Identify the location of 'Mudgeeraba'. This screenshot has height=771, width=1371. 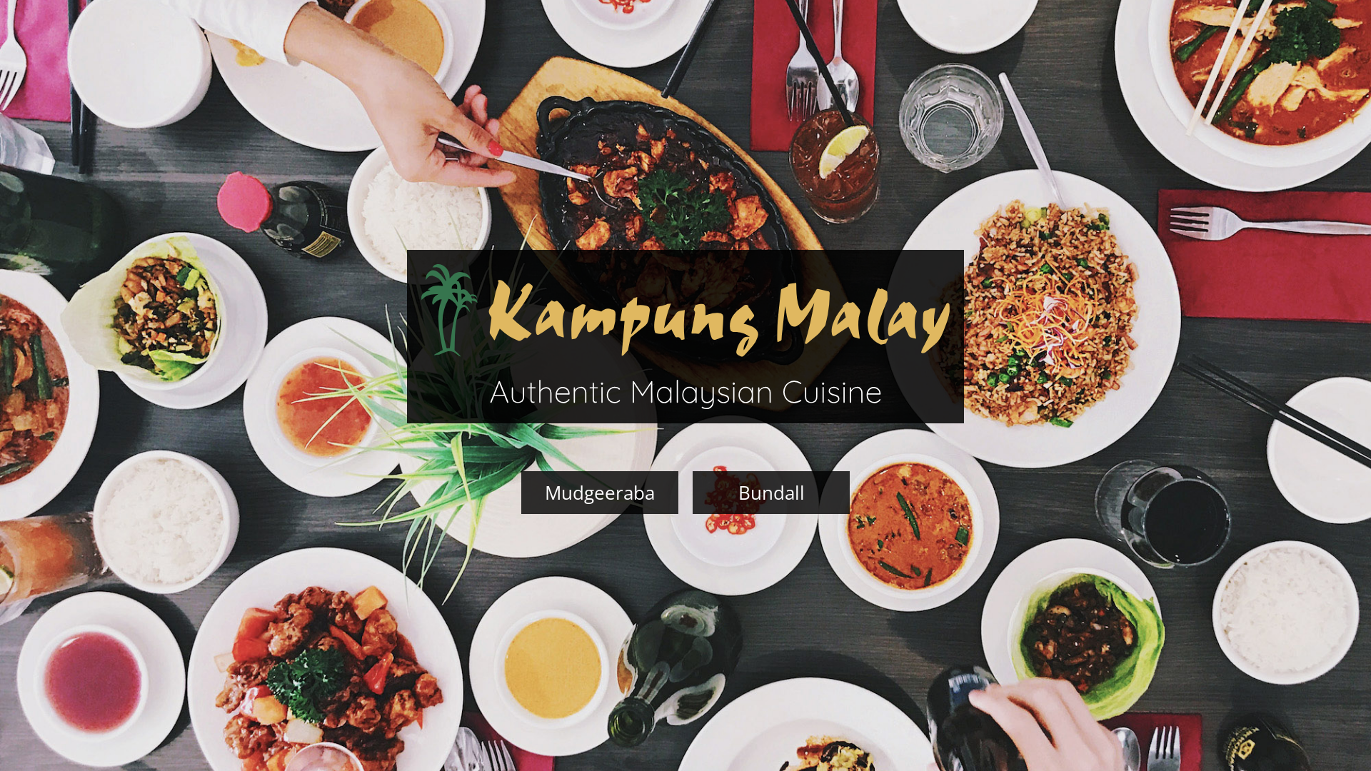
(600, 492).